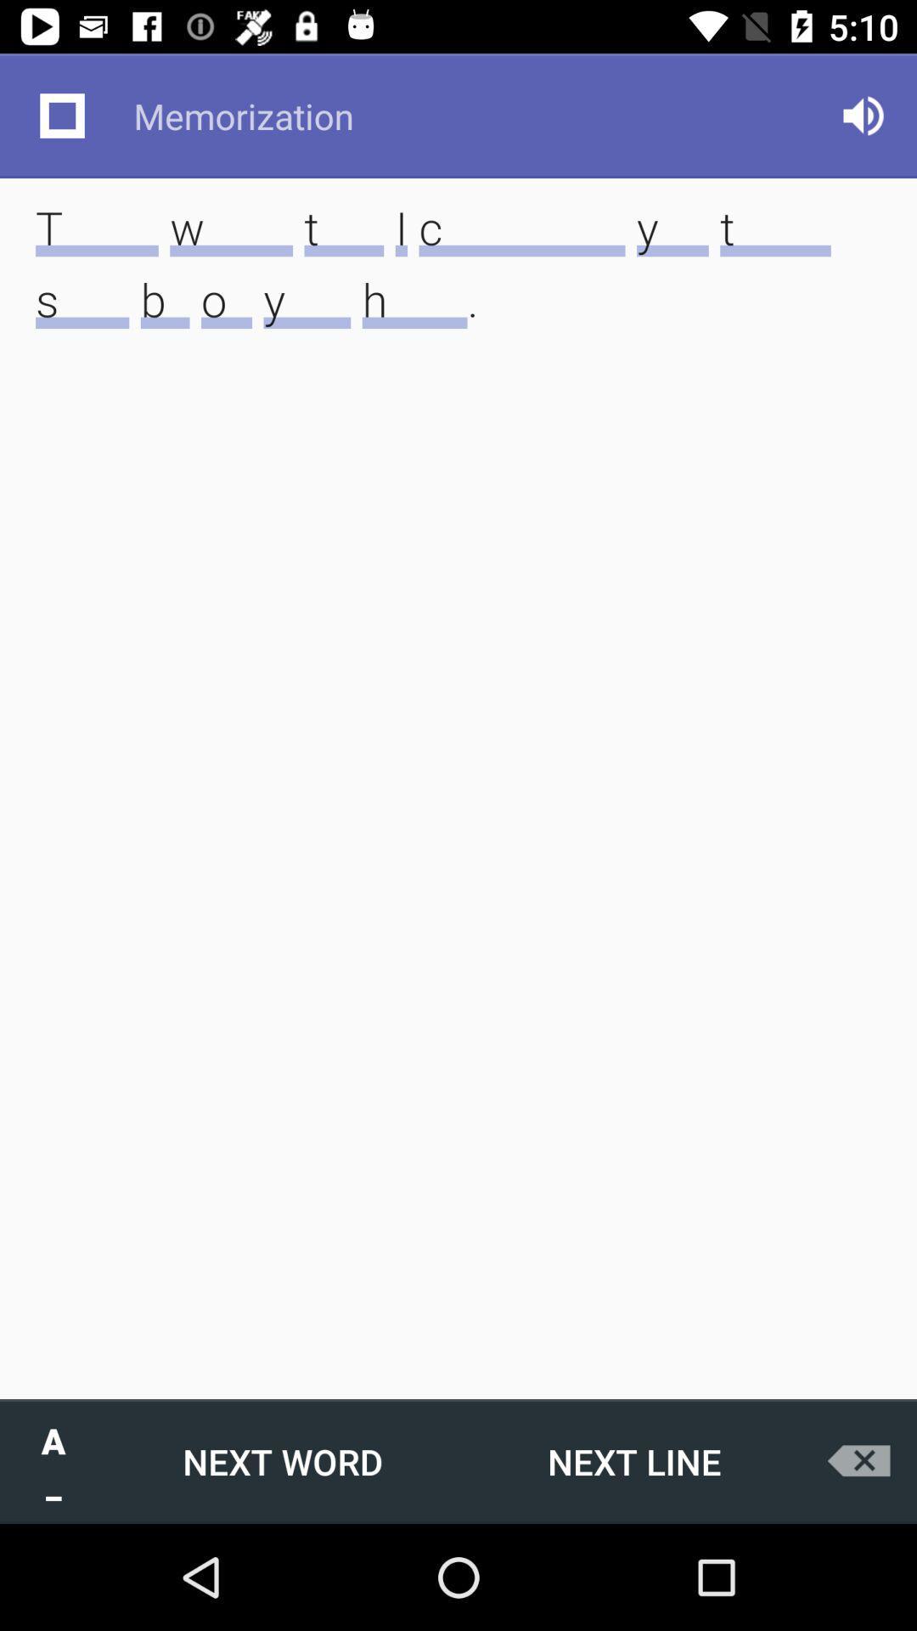  Describe the element at coordinates (864, 1460) in the screenshot. I see `go back` at that location.